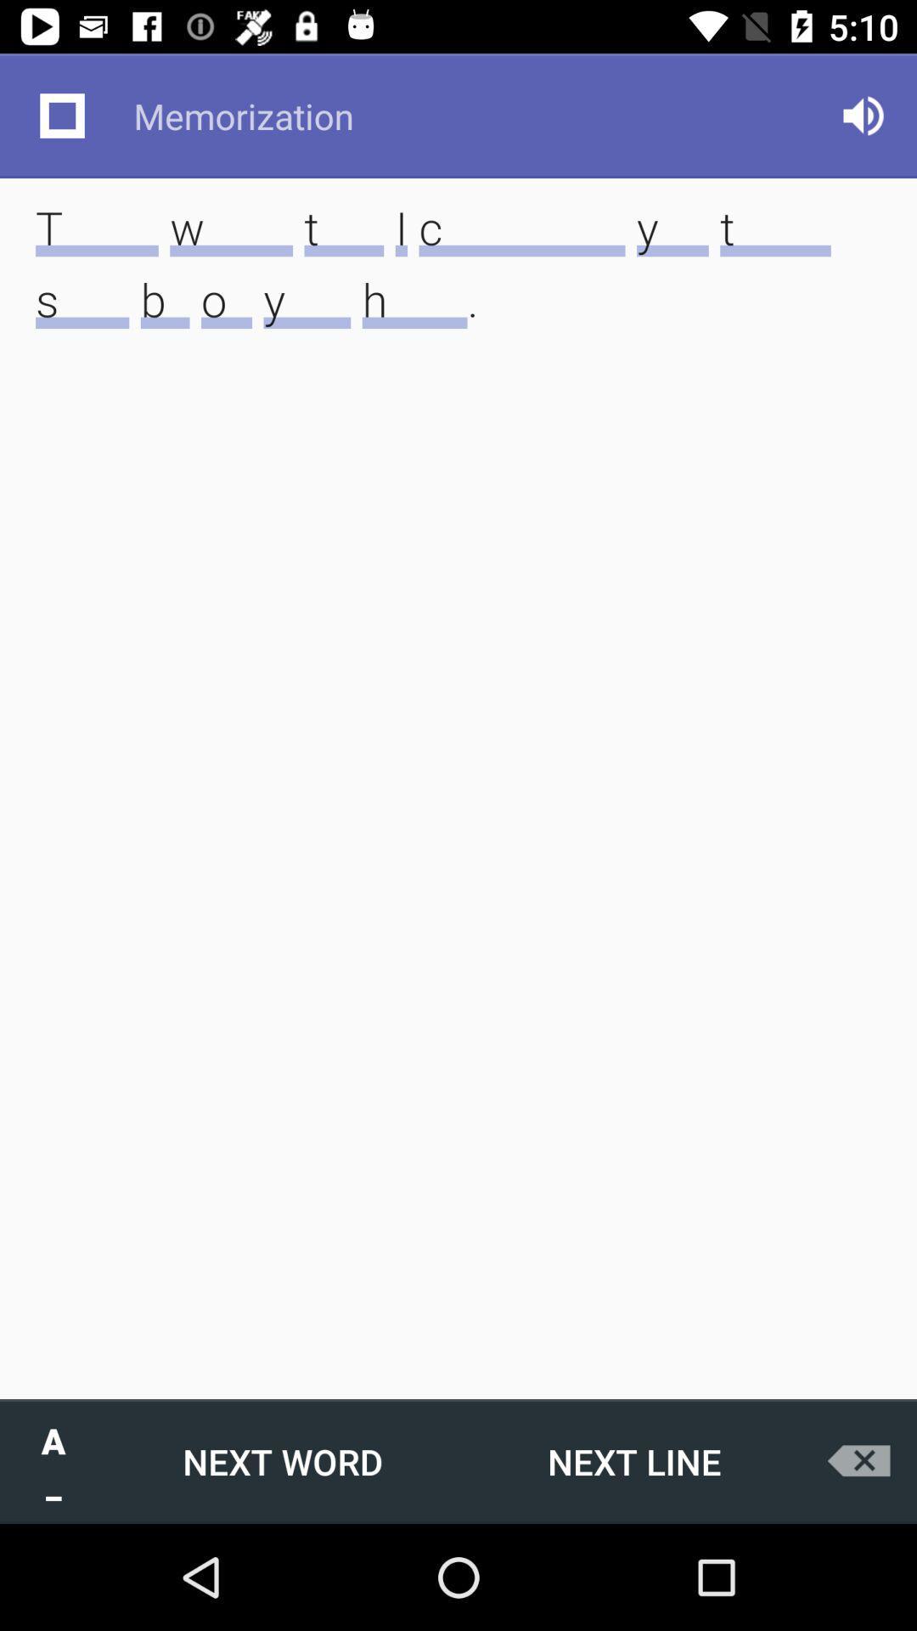  Describe the element at coordinates (864, 1460) in the screenshot. I see `go back` at that location.